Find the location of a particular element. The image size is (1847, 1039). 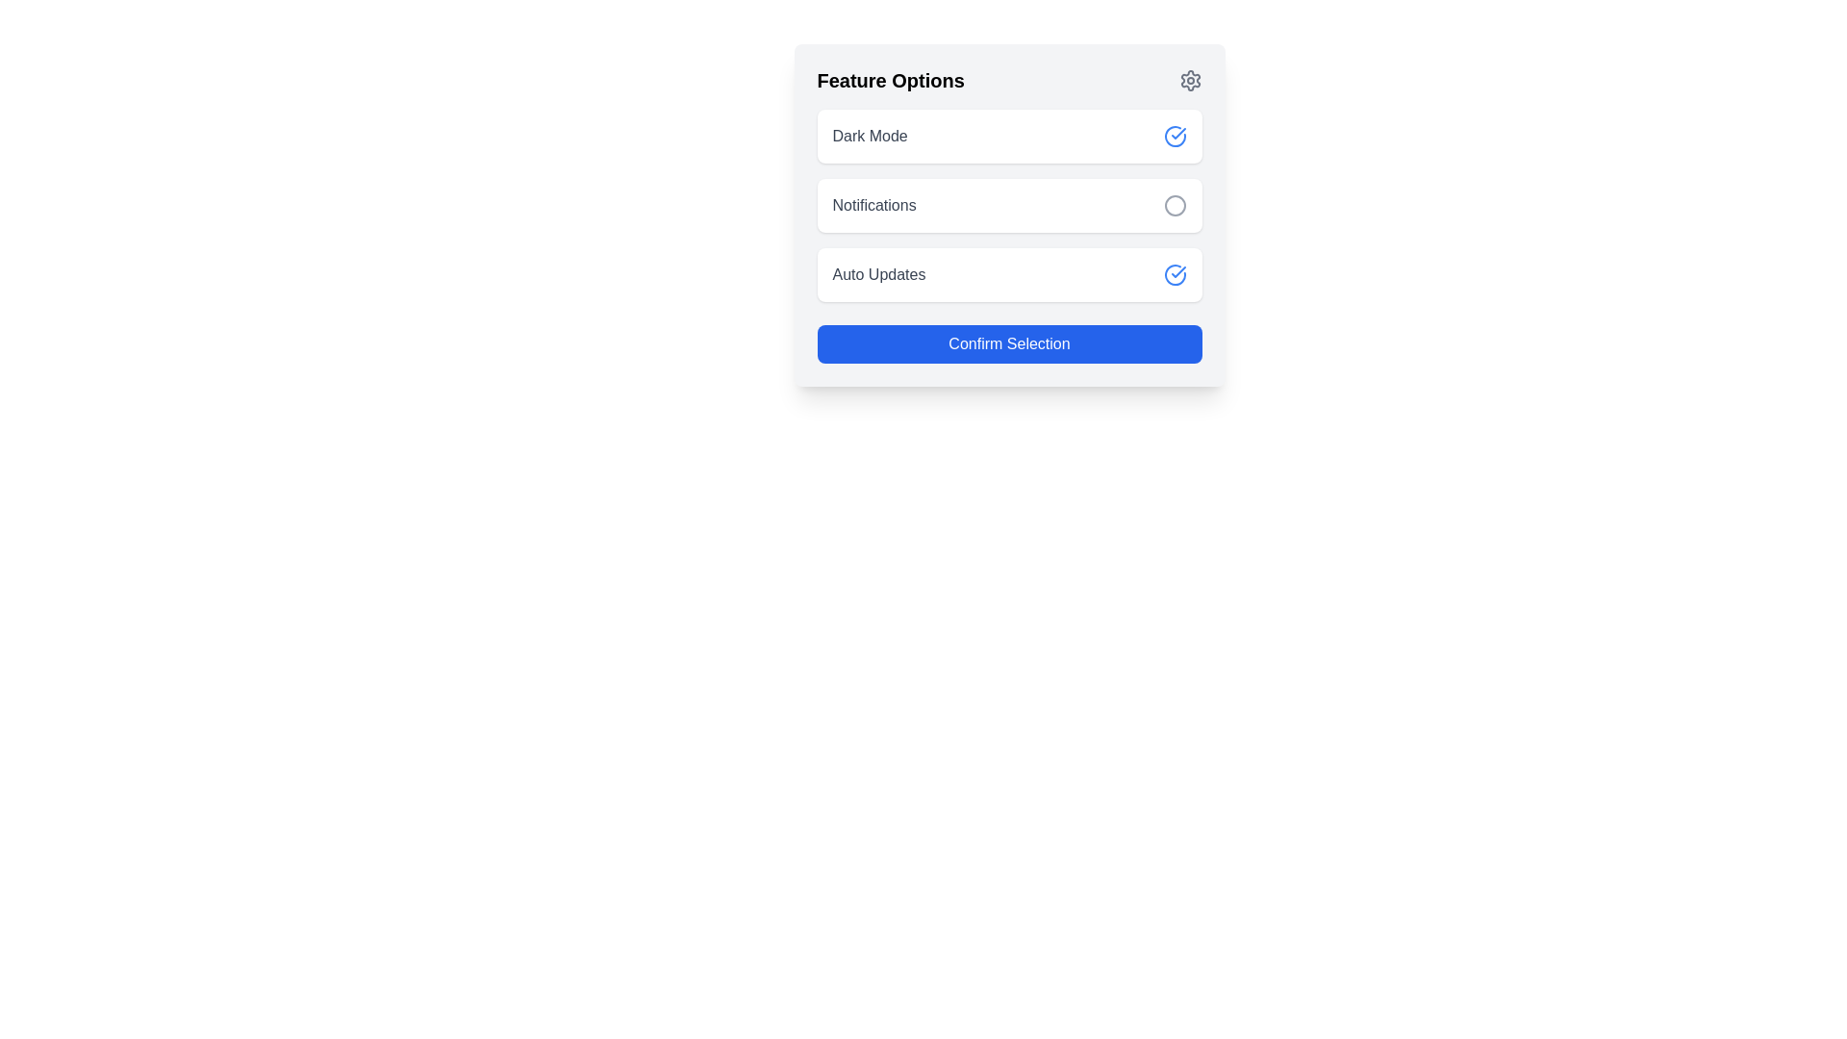

the 'Auto Updates' selectable option, which is the third entry in the list of feature options is located at coordinates (1008, 274).